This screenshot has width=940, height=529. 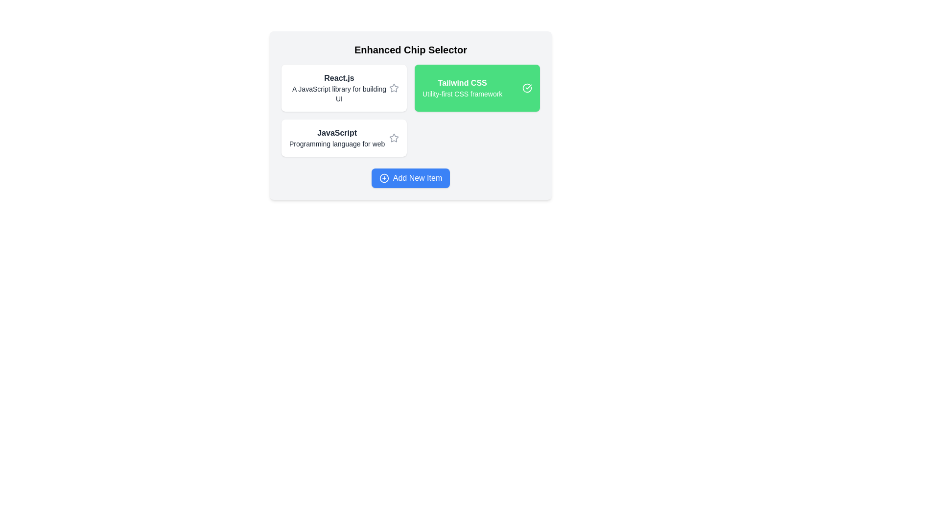 I want to click on the text label displaying 'Programming language for web', which is styled in a subdued manner and located directly below the 'JavaScript' title, so click(x=337, y=144).